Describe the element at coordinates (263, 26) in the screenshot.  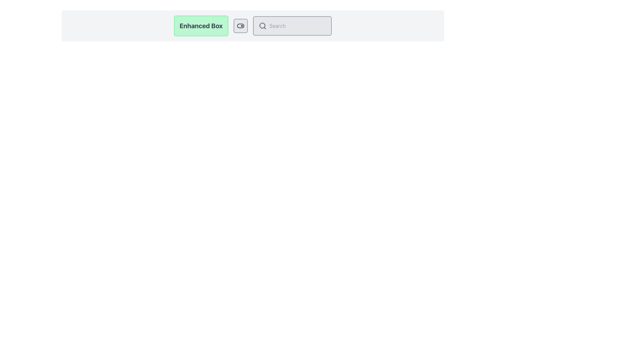
I see `the search icon located to the left of the 'Search' text input field` at that location.